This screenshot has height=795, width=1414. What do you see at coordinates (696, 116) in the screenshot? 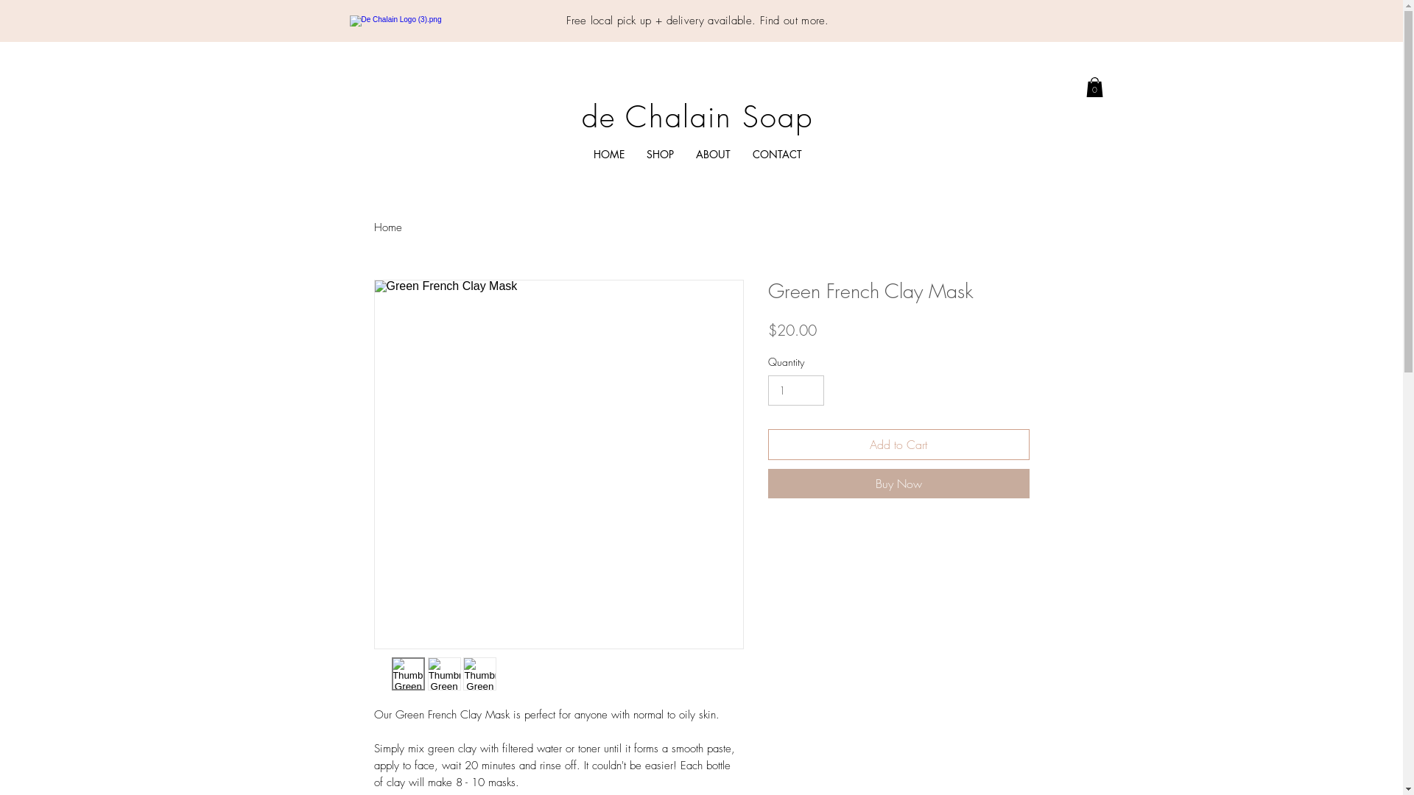
I see `'de Chalain Soap'` at bounding box center [696, 116].